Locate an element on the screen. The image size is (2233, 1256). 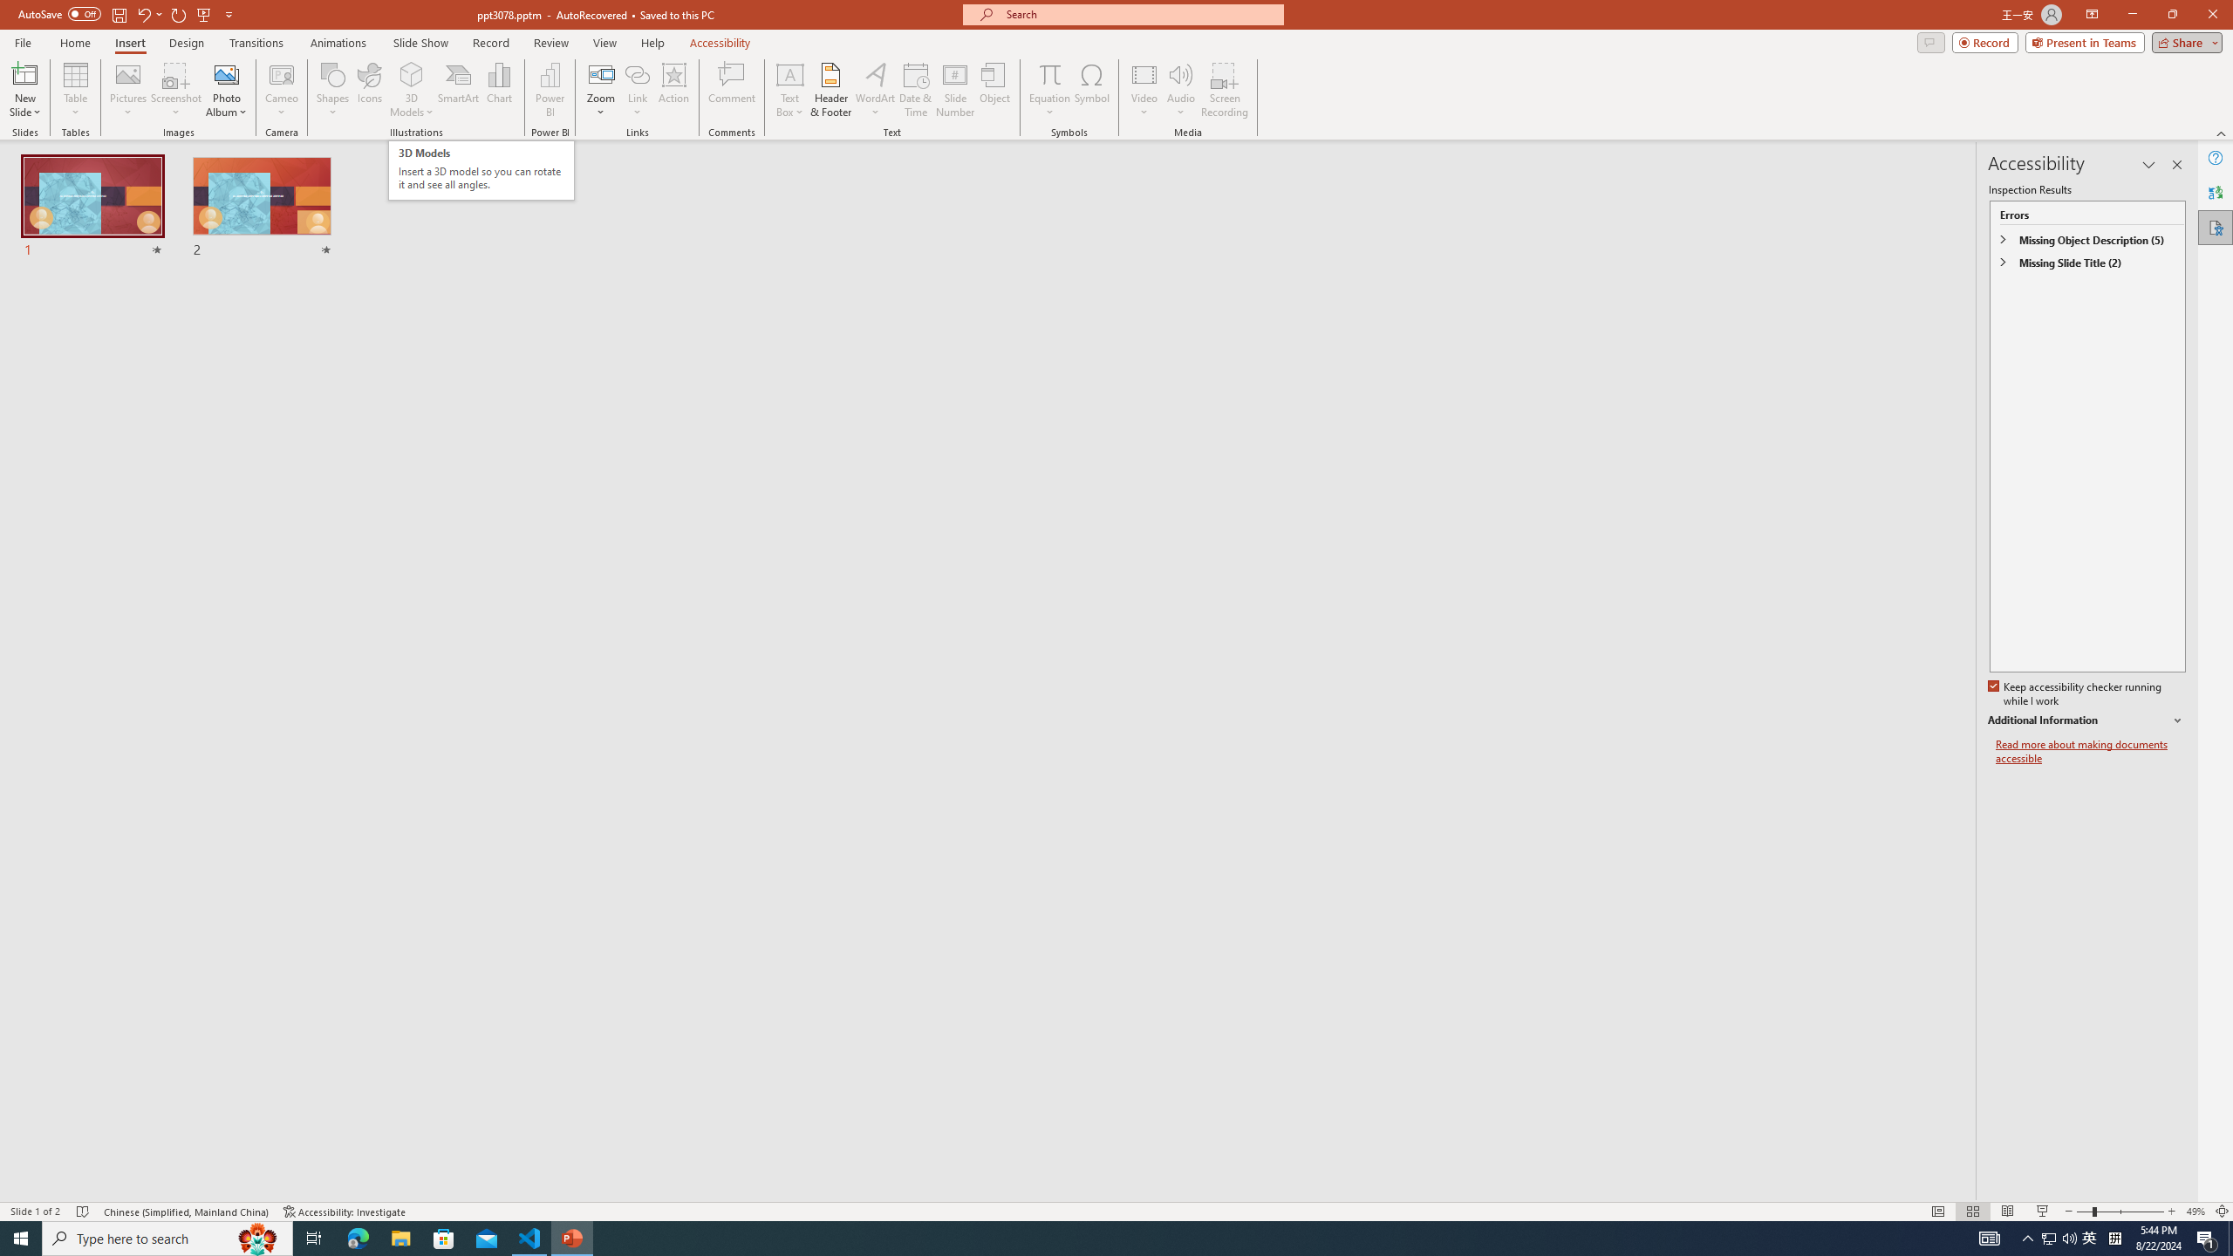
'Comment' is located at coordinates (730, 90).